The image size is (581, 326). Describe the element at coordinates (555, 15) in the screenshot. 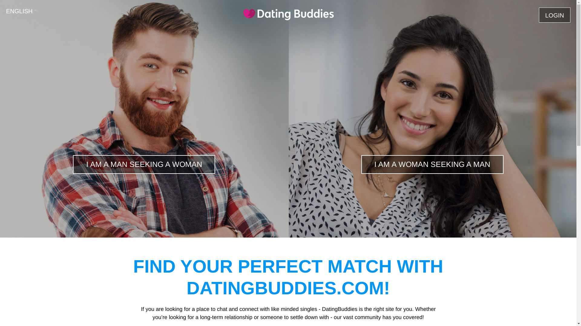

I see `'LOGIN'` at that location.